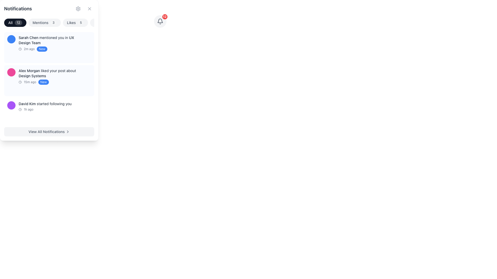  I want to click on the bell icon in the upper right region of the interface, so click(160, 21).